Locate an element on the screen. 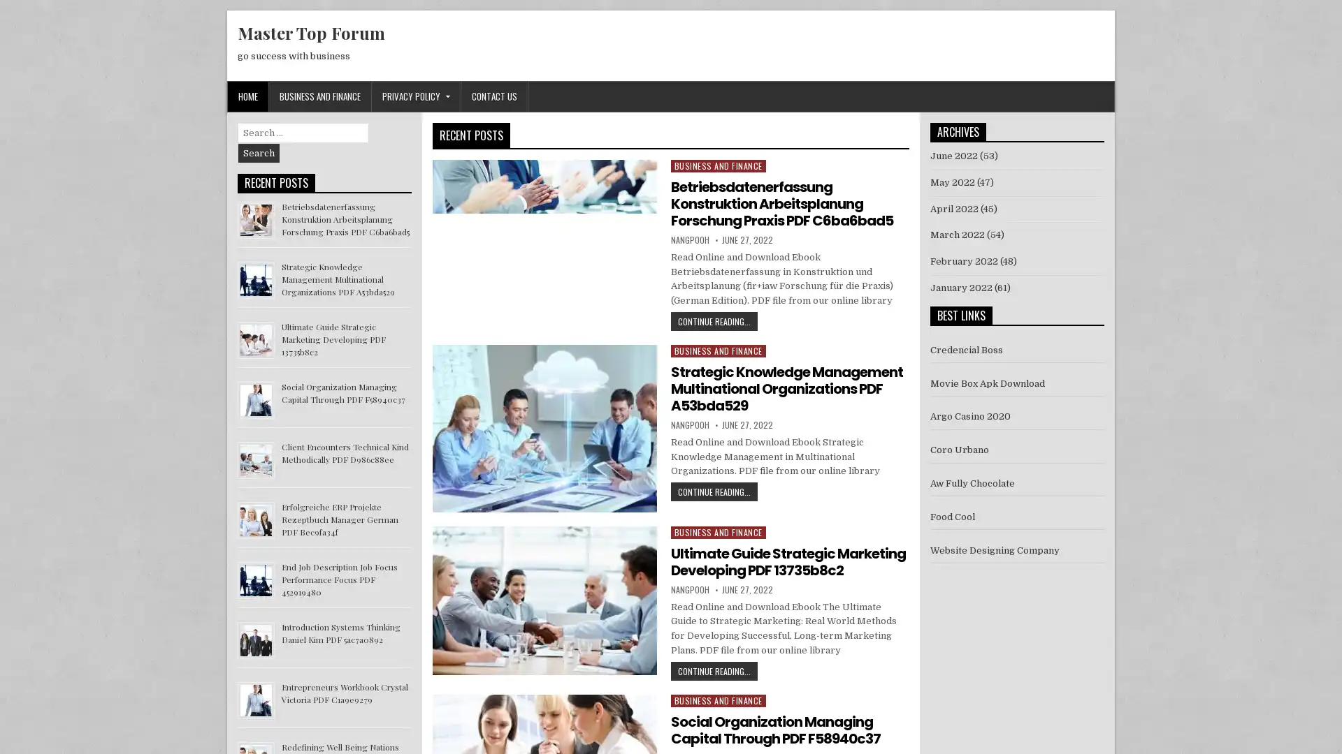 This screenshot has width=1342, height=754. Search is located at coordinates (259, 153).